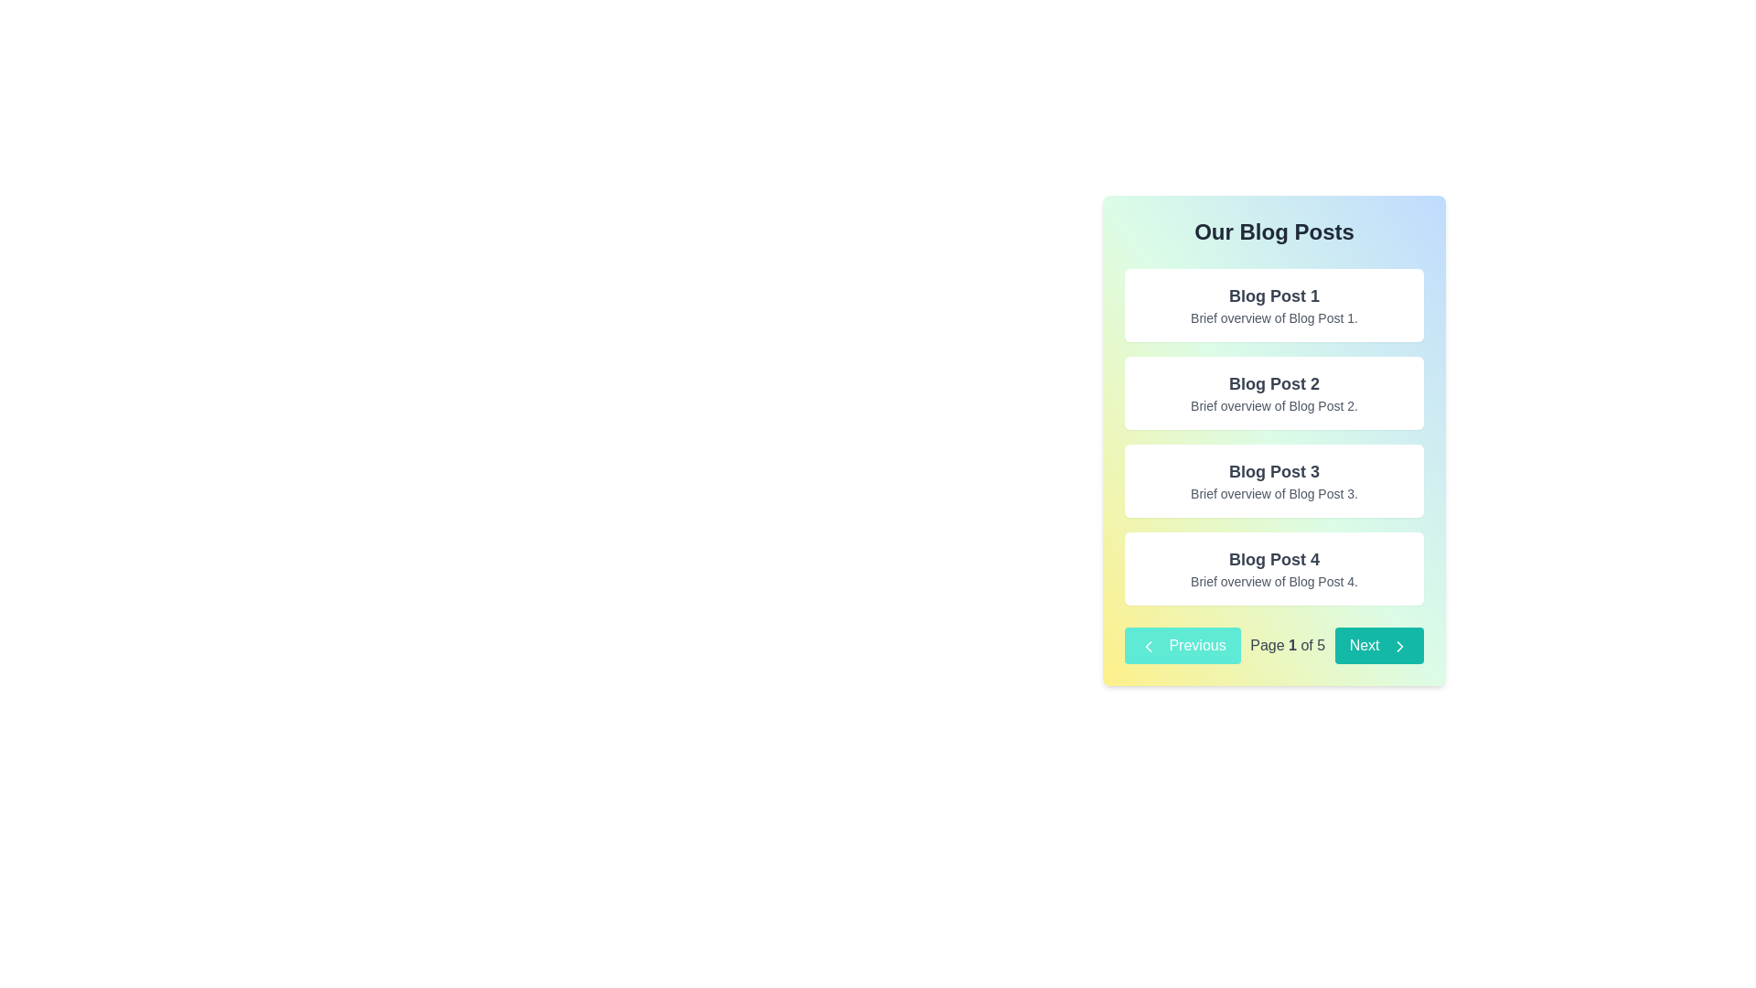 The height and width of the screenshot is (988, 1756). Describe the element at coordinates (1273, 392) in the screenshot. I see `the static content card displaying 'Blog Post 2' with a brief overview text, which is positioned in the right-hand column below 'Blog Post 1' and above 'Blog Post 3'` at that location.